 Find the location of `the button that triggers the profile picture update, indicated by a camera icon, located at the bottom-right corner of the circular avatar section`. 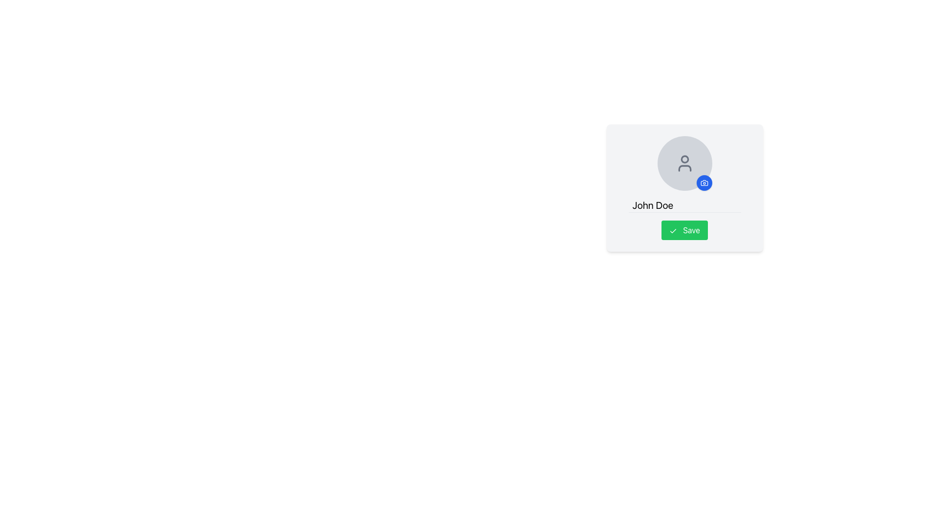

the button that triggers the profile picture update, indicated by a camera icon, located at the bottom-right corner of the circular avatar section is located at coordinates (704, 182).